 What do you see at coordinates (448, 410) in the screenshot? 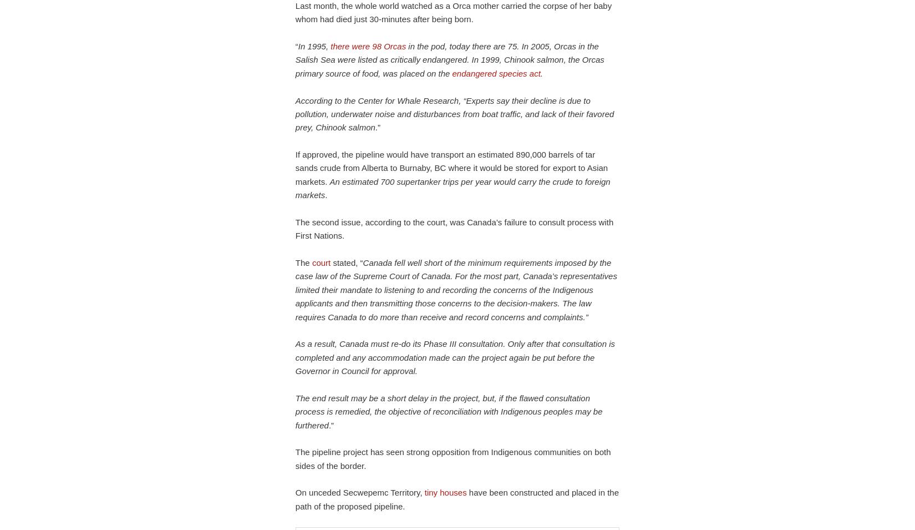
I see `'The end result may be a short delay in the project, but, if the flawed consultation process is remedied, the objective of reconciliation with Indigenous peoples may be furthered'` at bounding box center [448, 410].